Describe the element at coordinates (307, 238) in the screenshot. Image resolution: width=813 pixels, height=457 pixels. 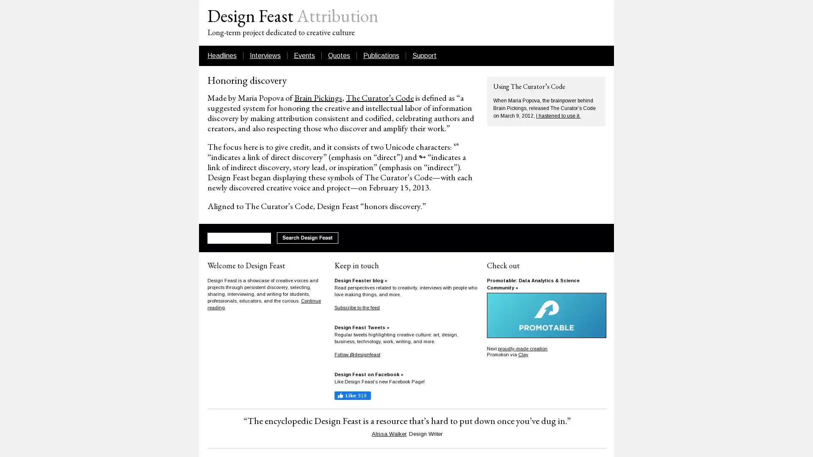
I see `Search Design Feast` at that location.